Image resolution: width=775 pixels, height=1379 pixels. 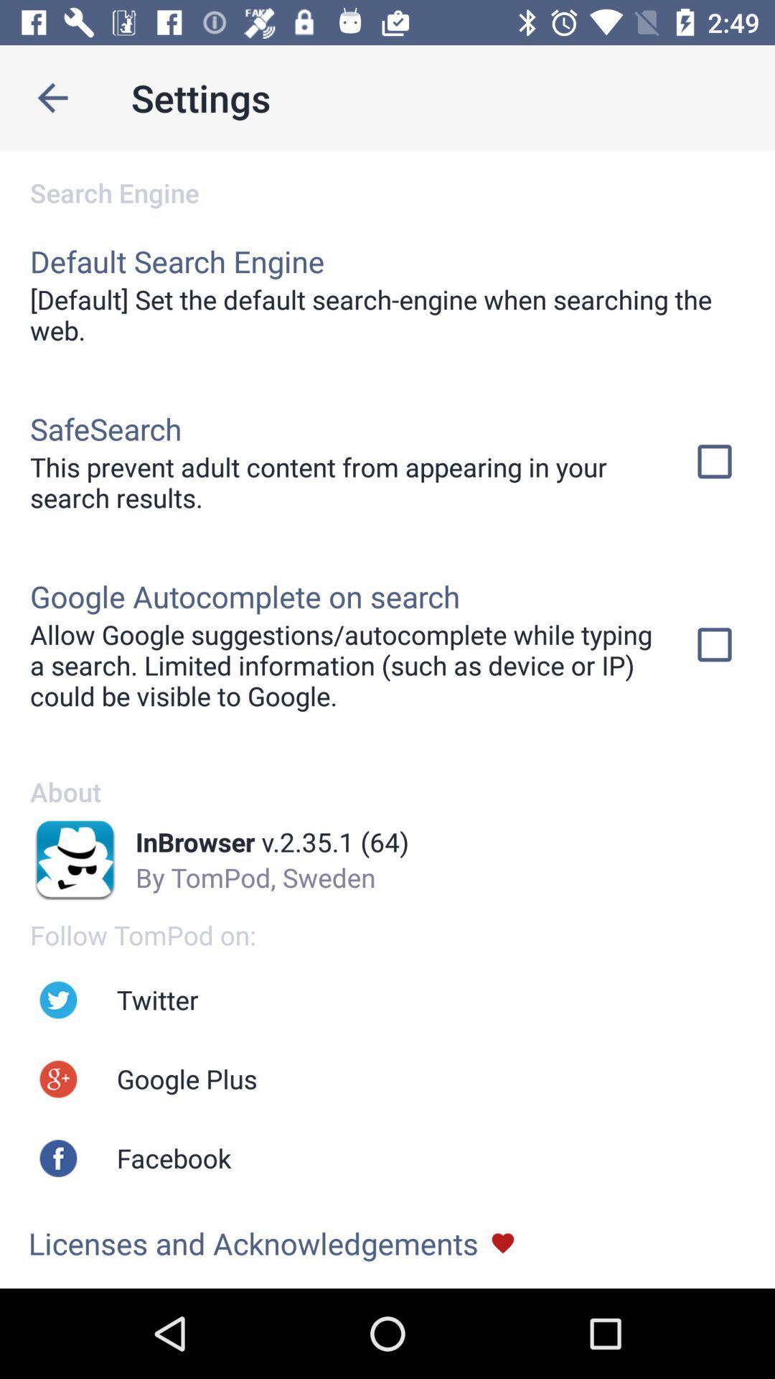 What do you see at coordinates (342, 482) in the screenshot?
I see `item above google autocomplete on` at bounding box center [342, 482].